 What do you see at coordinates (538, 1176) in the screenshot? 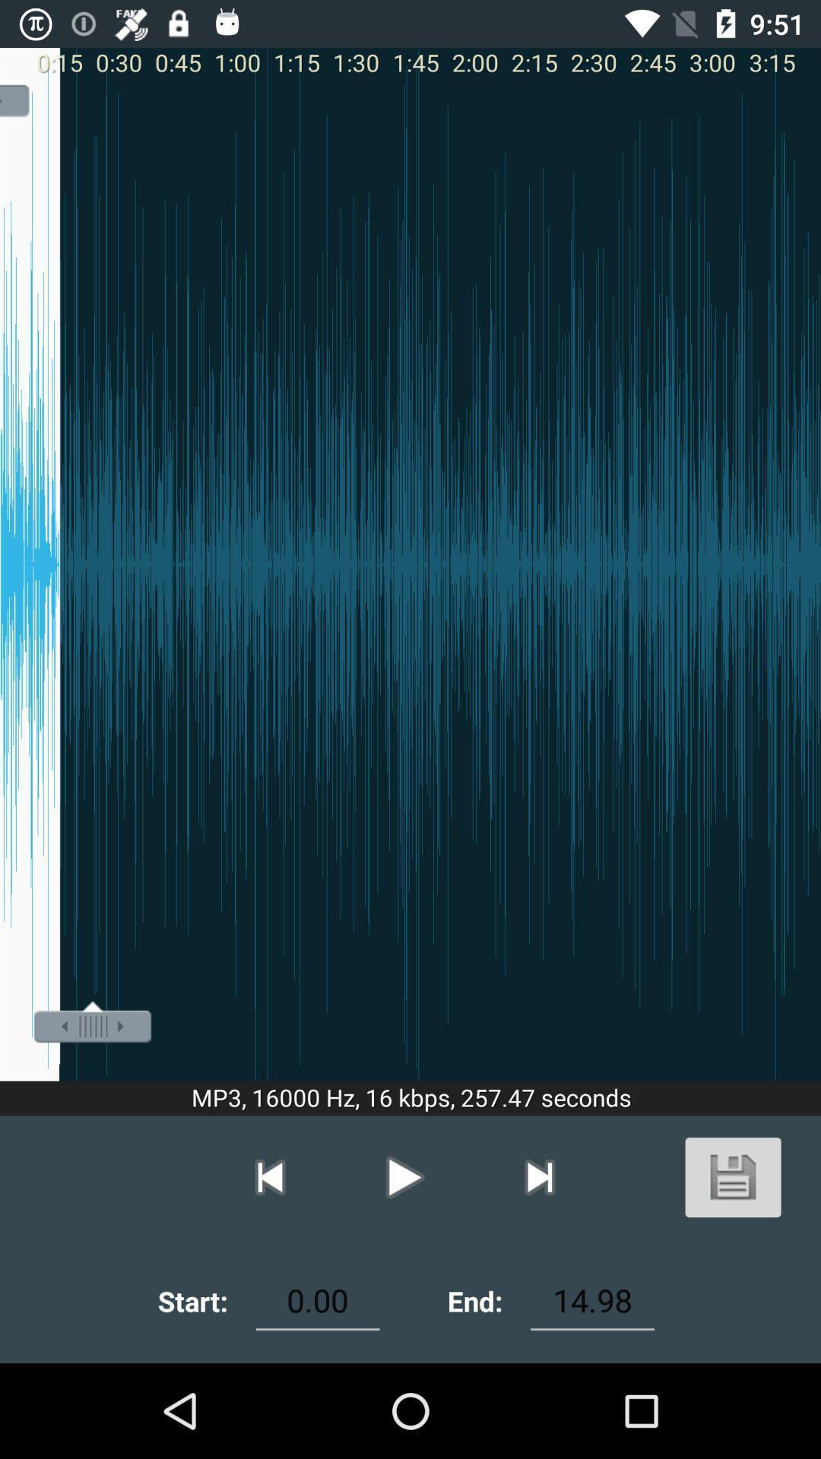
I see `the button on left of play button` at bounding box center [538, 1176].